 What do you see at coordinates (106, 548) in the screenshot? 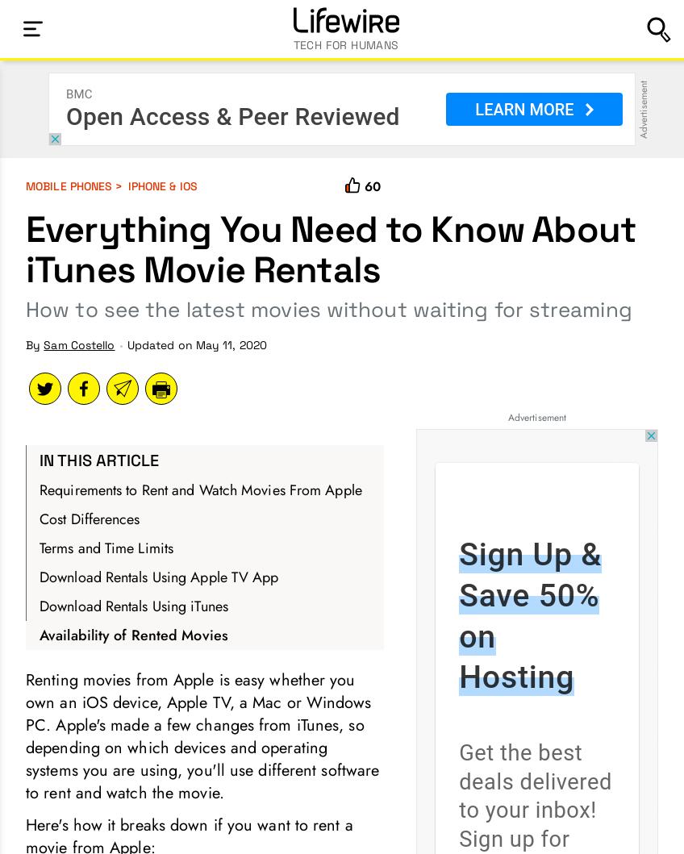
I see `'Terms and Time Limits'` at bounding box center [106, 548].